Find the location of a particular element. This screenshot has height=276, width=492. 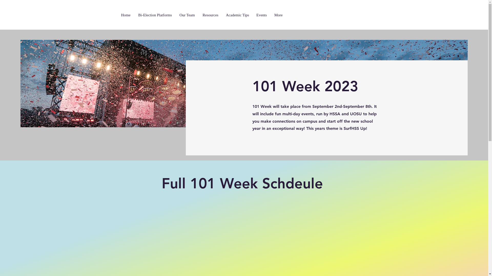

'Academic Tips' is located at coordinates (238, 15).